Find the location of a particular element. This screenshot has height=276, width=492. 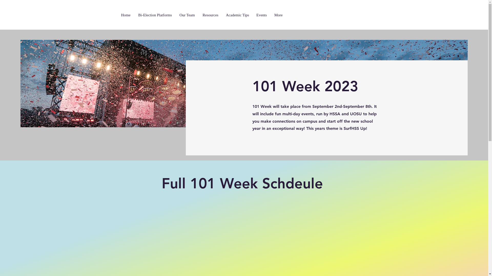

'Academic Tips' is located at coordinates (238, 15).